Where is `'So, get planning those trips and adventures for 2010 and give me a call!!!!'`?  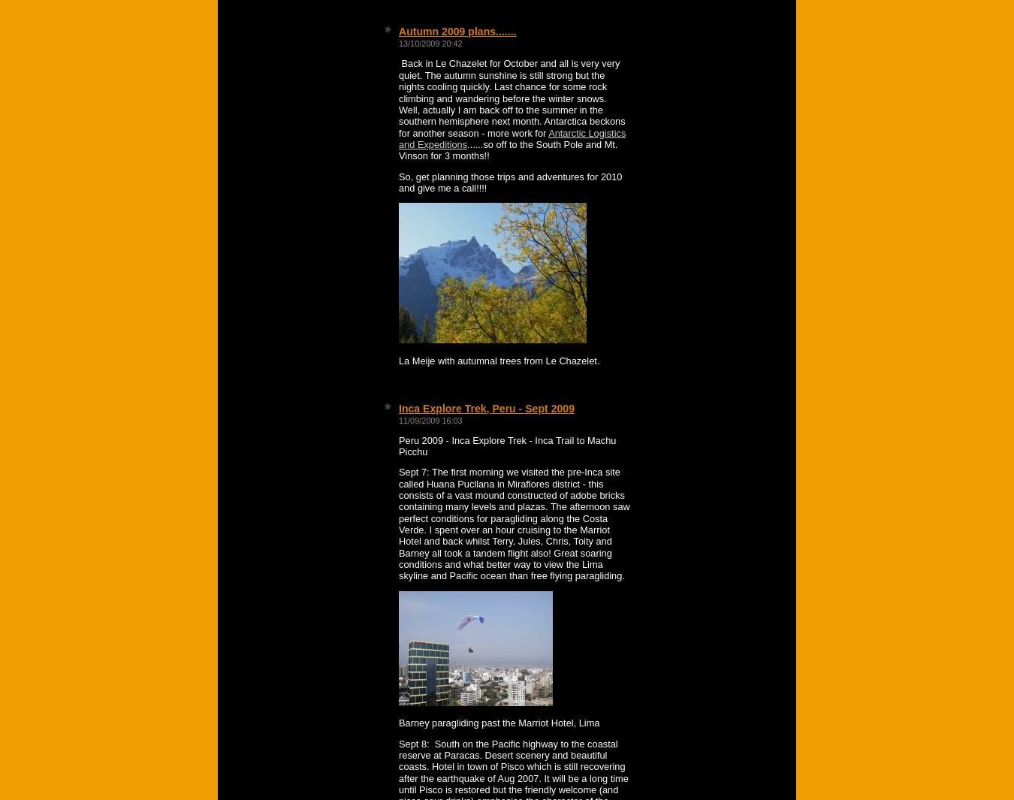
'So, get planning those trips and adventures for 2010 and give me a call!!!!' is located at coordinates (509, 181).